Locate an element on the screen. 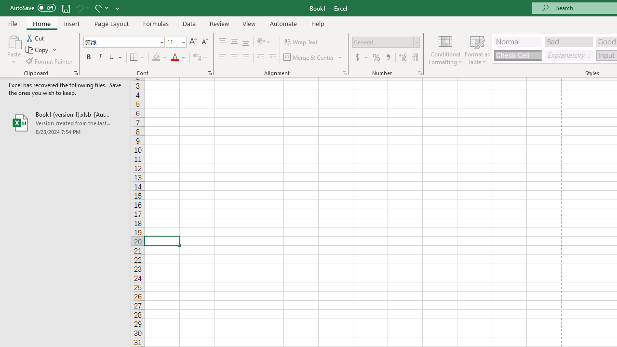 The height and width of the screenshot is (347, 617). 'Redo' is located at coordinates (101, 8).